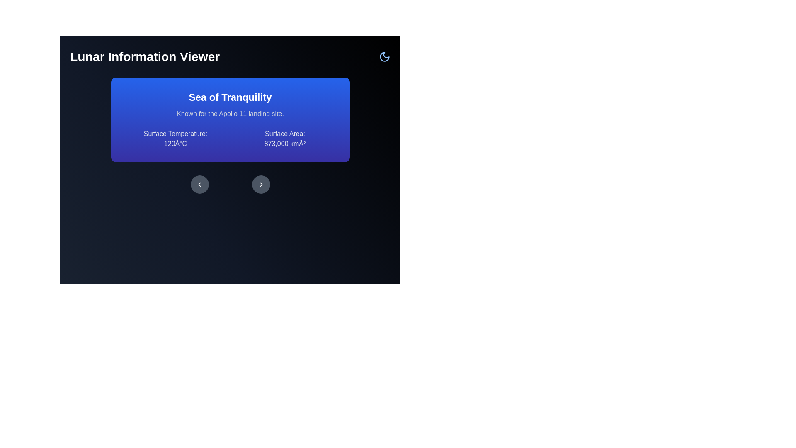 The width and height of the screenshot is (796, 448). I want to click on text element displaying 'Surface Temperature: 120°C' located in the left column of a two-column grid layout, so click(175, 139).